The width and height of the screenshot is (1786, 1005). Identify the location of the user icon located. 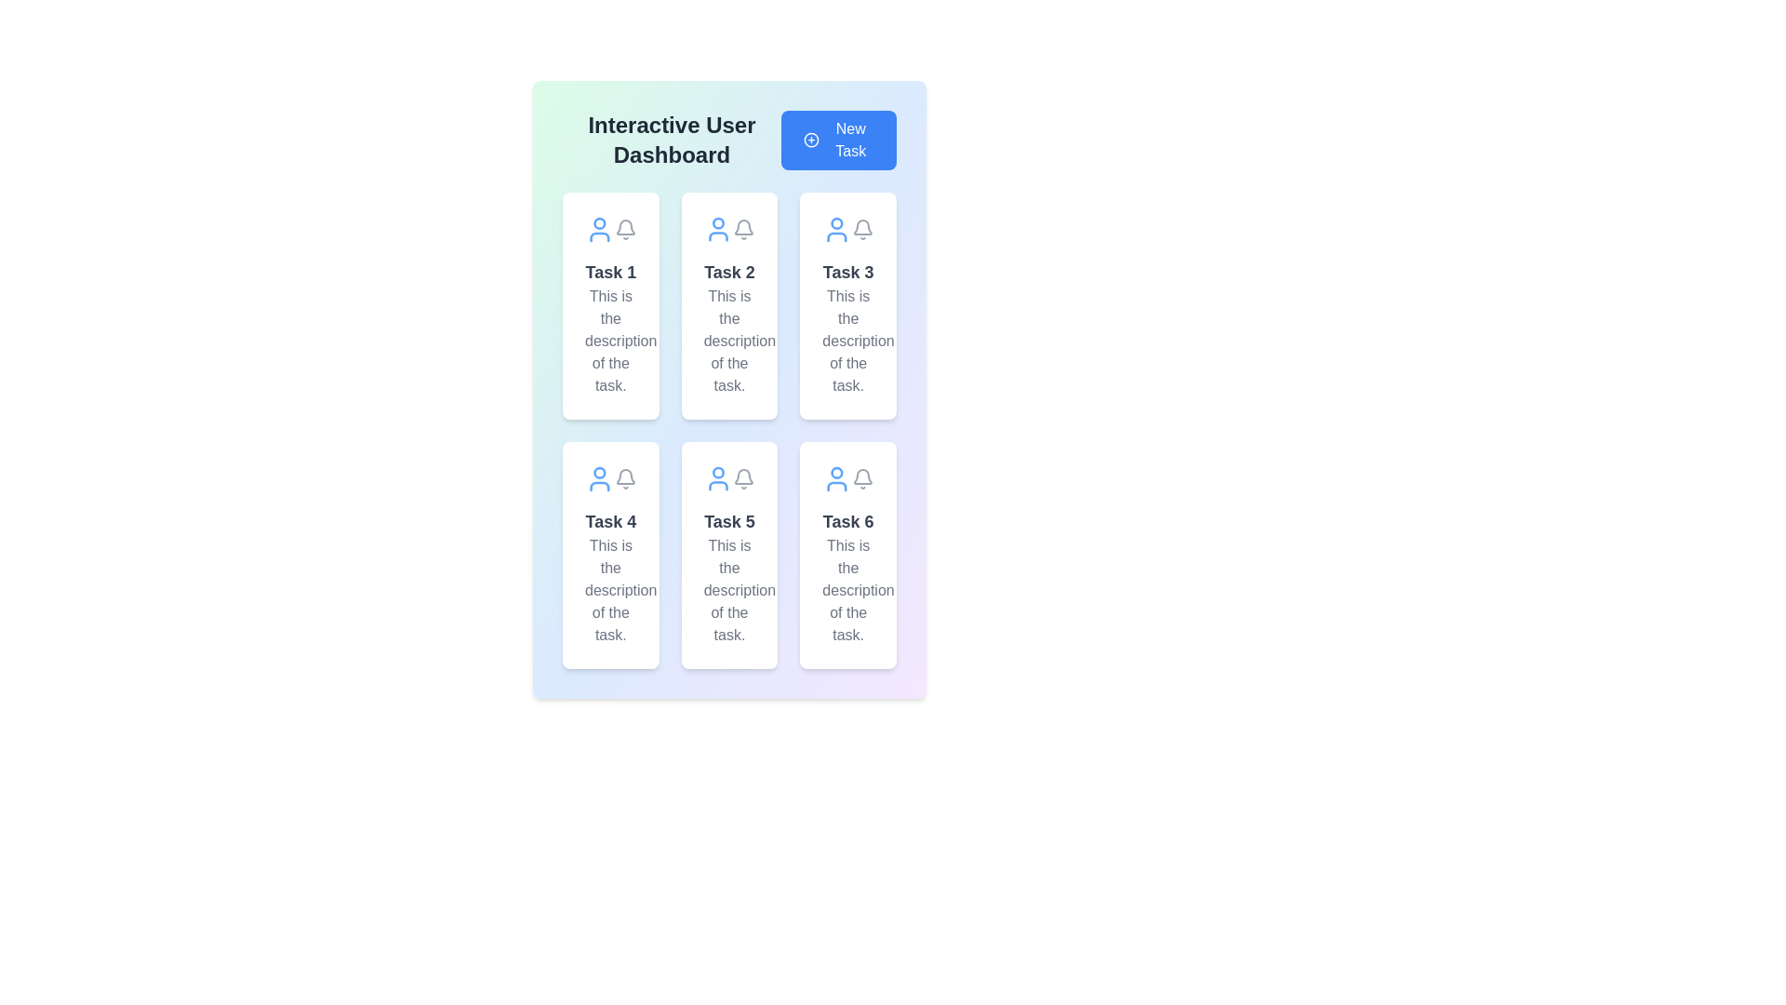
(717, 485).